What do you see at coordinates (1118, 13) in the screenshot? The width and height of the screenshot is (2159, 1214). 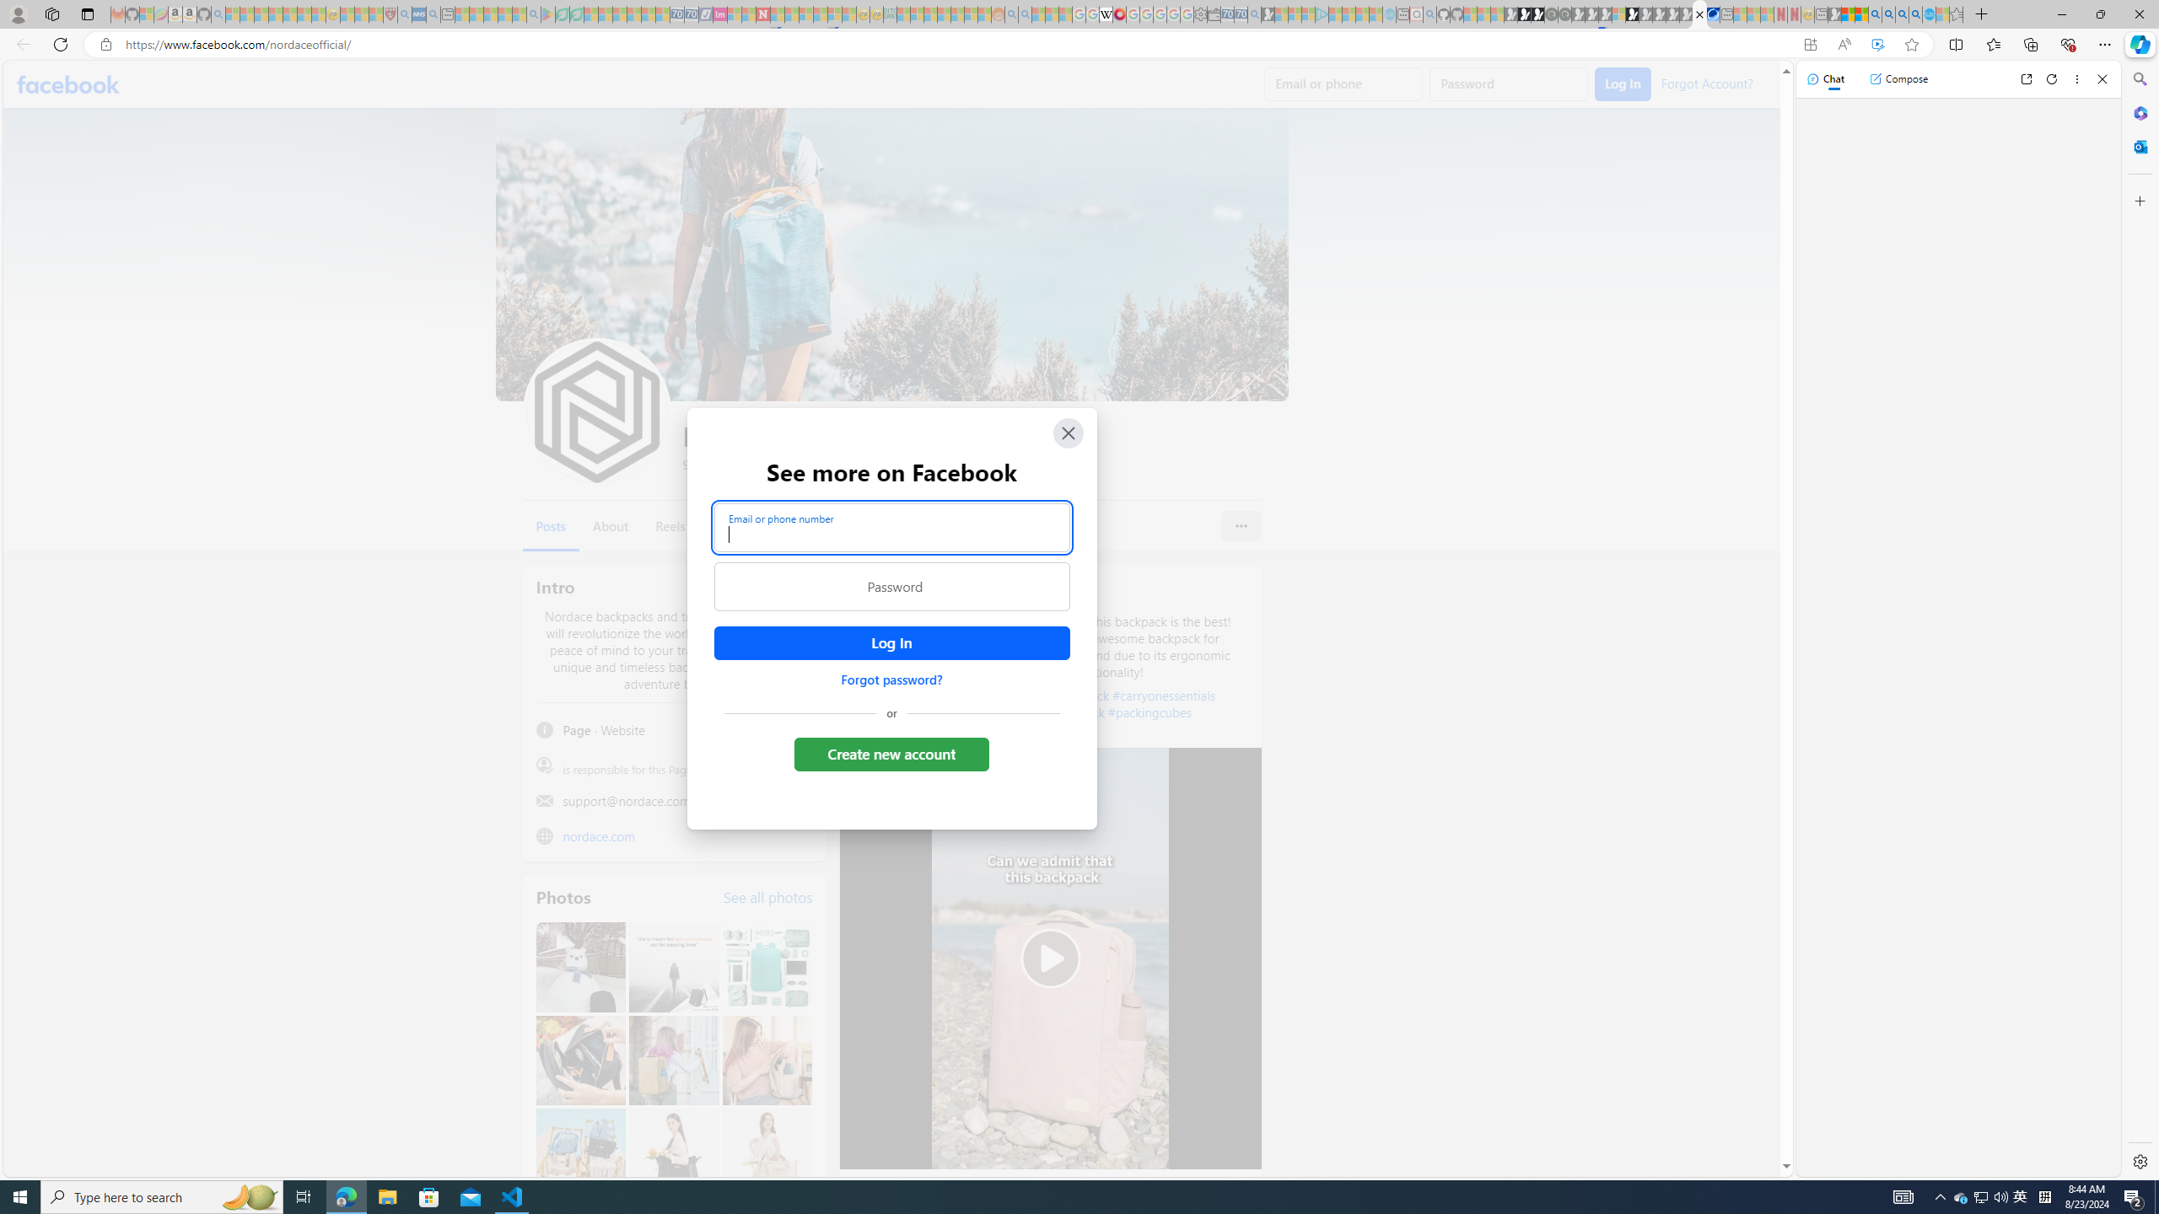 I see `'MediaWiki'` at bounding box center [1118, 13].